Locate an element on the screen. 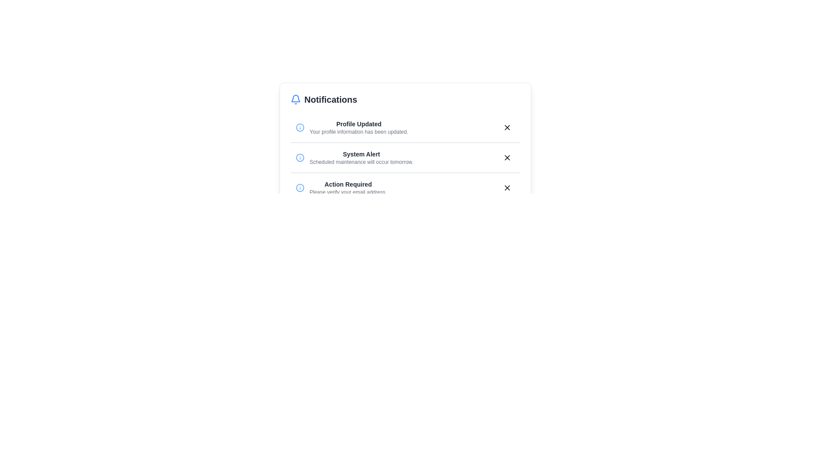  the Close Icon located in the top-right corner of the 'Action Required' notification entry is located at coordinates (507, 187).